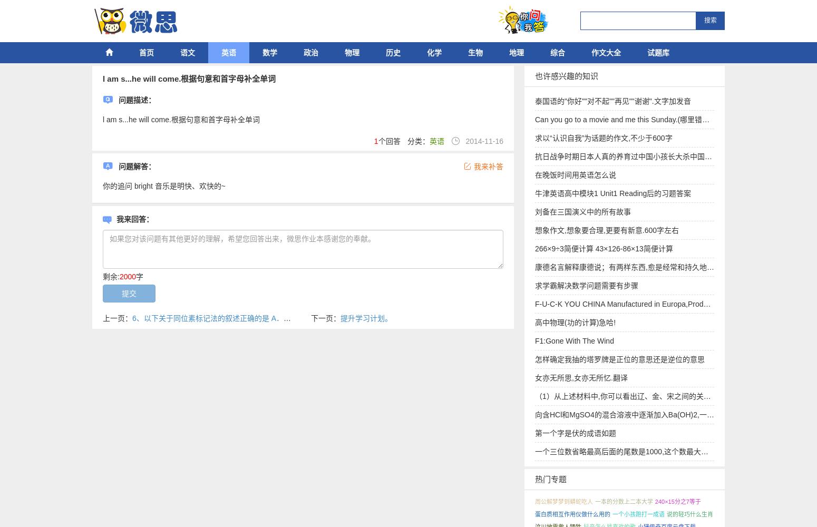 The height and width of the screenshot is (527, 817). Describe the element at coordinates (102, 277) in the screenshot. I see `'剩余:'` at that location.